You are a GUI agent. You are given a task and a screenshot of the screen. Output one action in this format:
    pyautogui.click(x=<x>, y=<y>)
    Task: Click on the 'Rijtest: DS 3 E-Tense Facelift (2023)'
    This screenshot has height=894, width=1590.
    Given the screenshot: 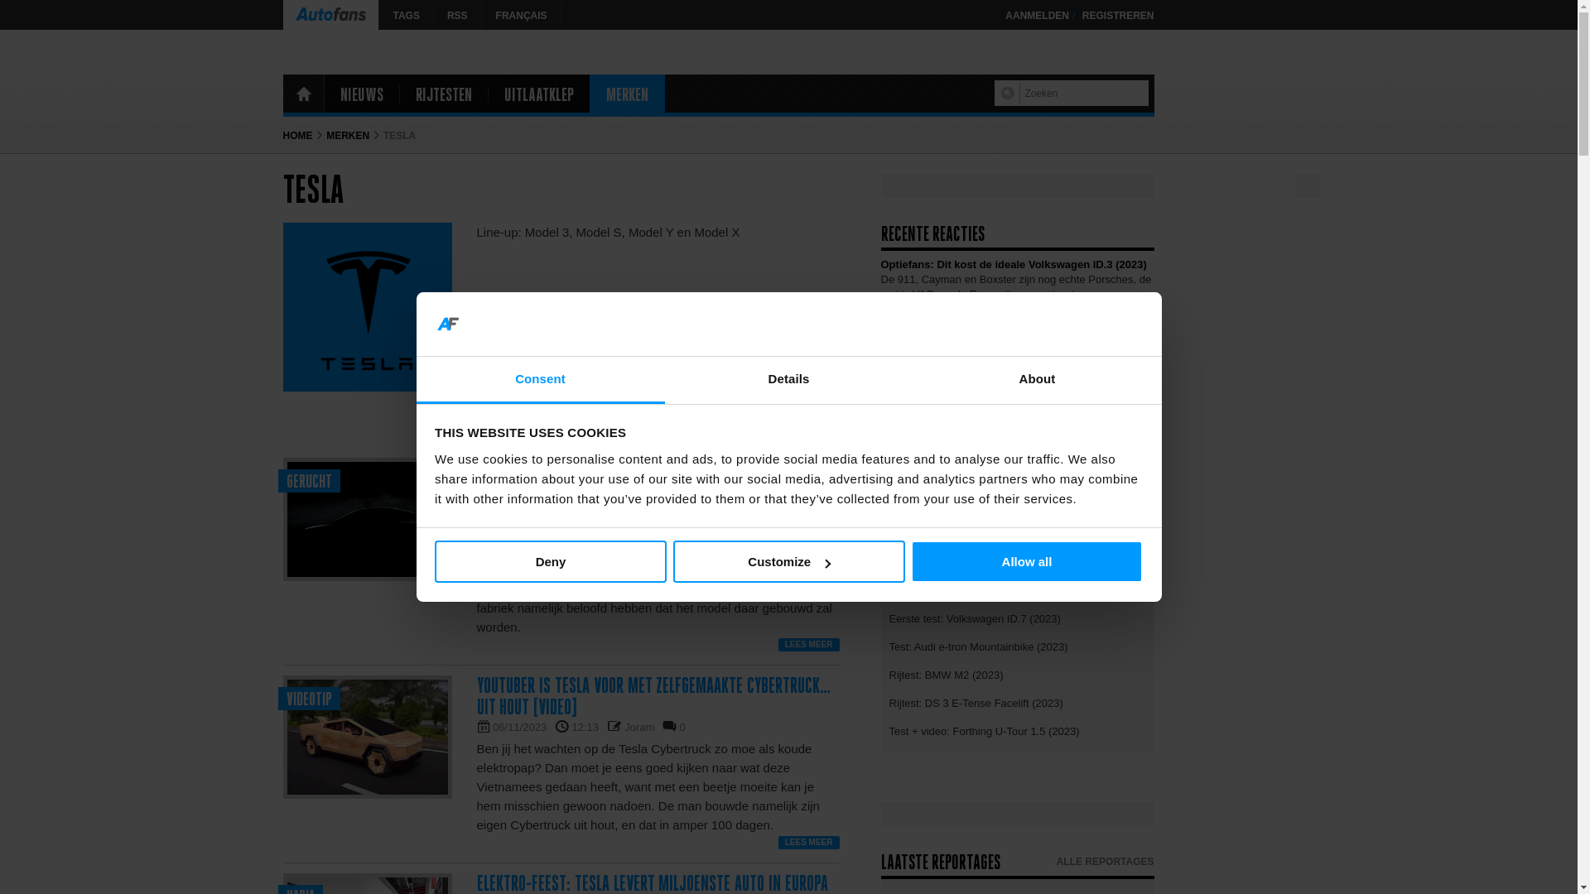 What is the action you would take?
    pyautogui.click(x=1016, y=702)
    